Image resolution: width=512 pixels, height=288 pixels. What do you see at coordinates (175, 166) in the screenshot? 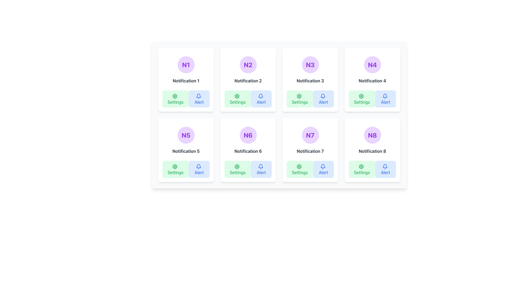
I see `the gear-shaped settings icon in the notification card labeled 'Notification 5', which is rendered in green and located above the 'Settings' label` at bounding box center [175, 166].